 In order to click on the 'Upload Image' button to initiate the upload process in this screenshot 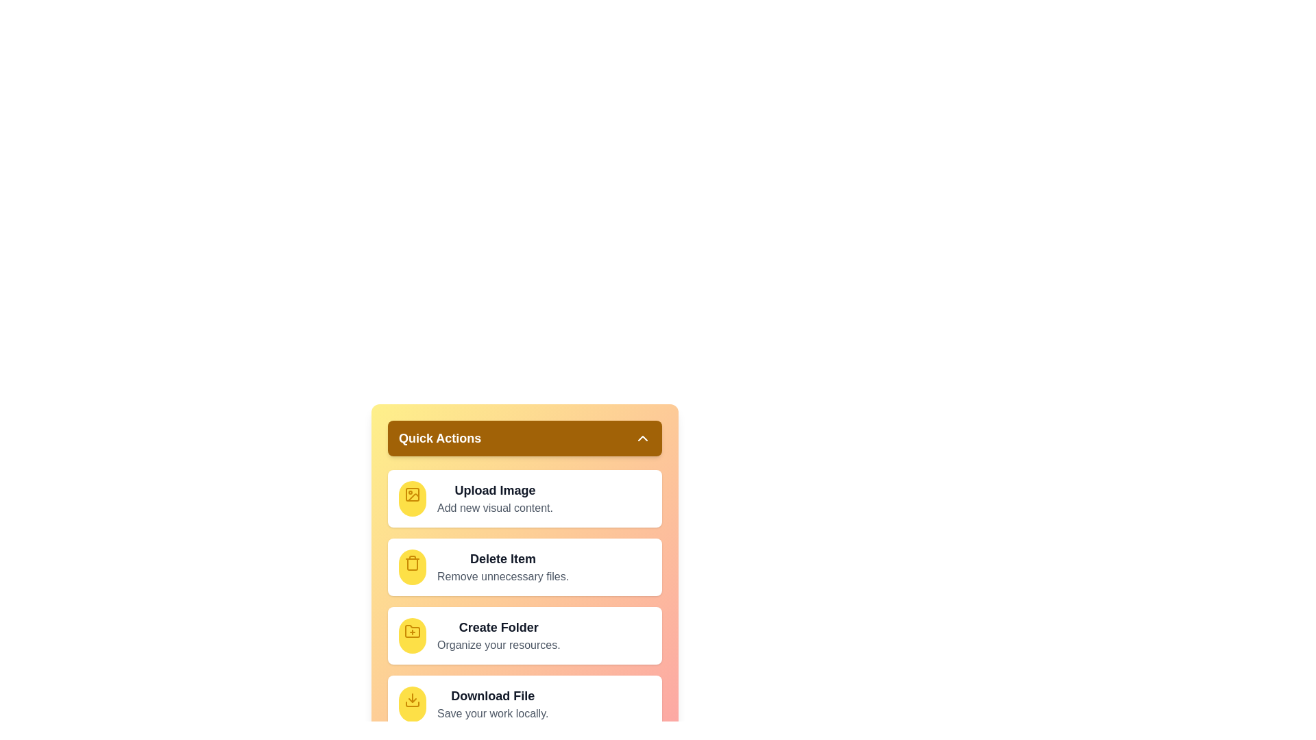, I will do `click(494, 490)`.